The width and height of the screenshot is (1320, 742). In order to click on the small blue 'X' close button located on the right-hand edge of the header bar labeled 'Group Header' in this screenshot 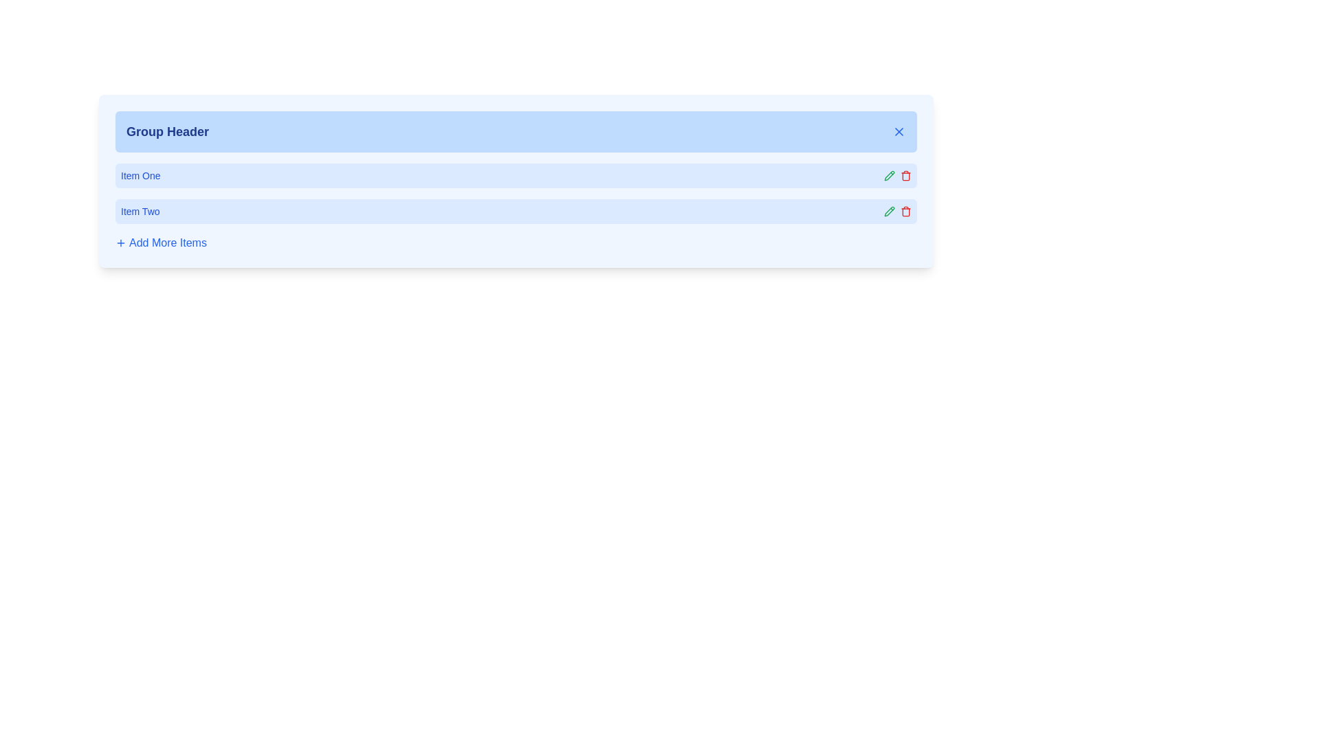, I will do `click(899, 132)`.